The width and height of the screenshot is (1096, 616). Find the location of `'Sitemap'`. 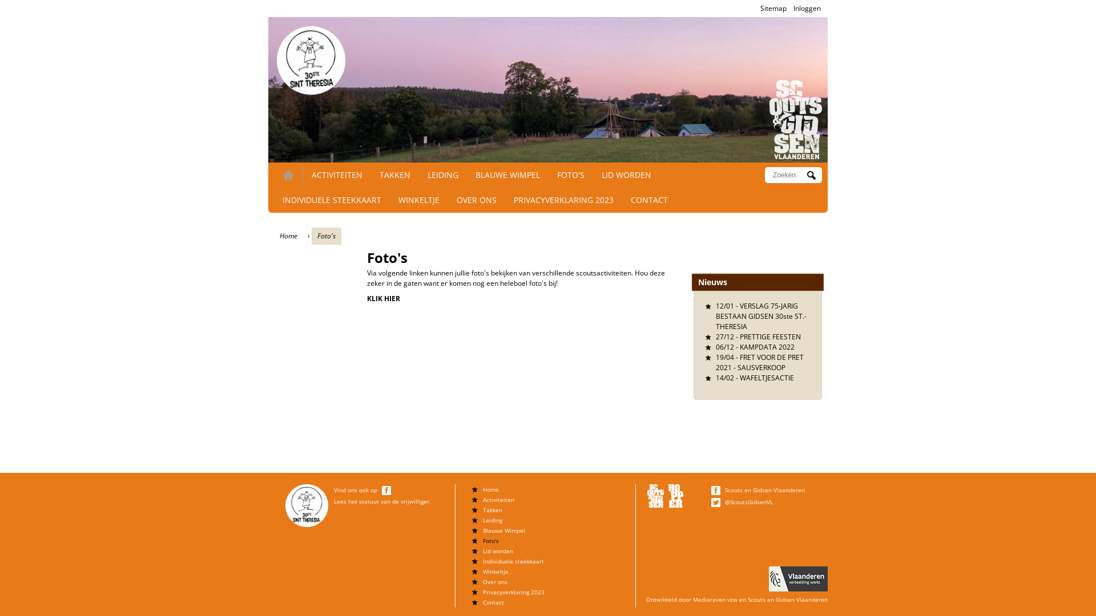

'Sitemap' is located at coordinates (773, 8).